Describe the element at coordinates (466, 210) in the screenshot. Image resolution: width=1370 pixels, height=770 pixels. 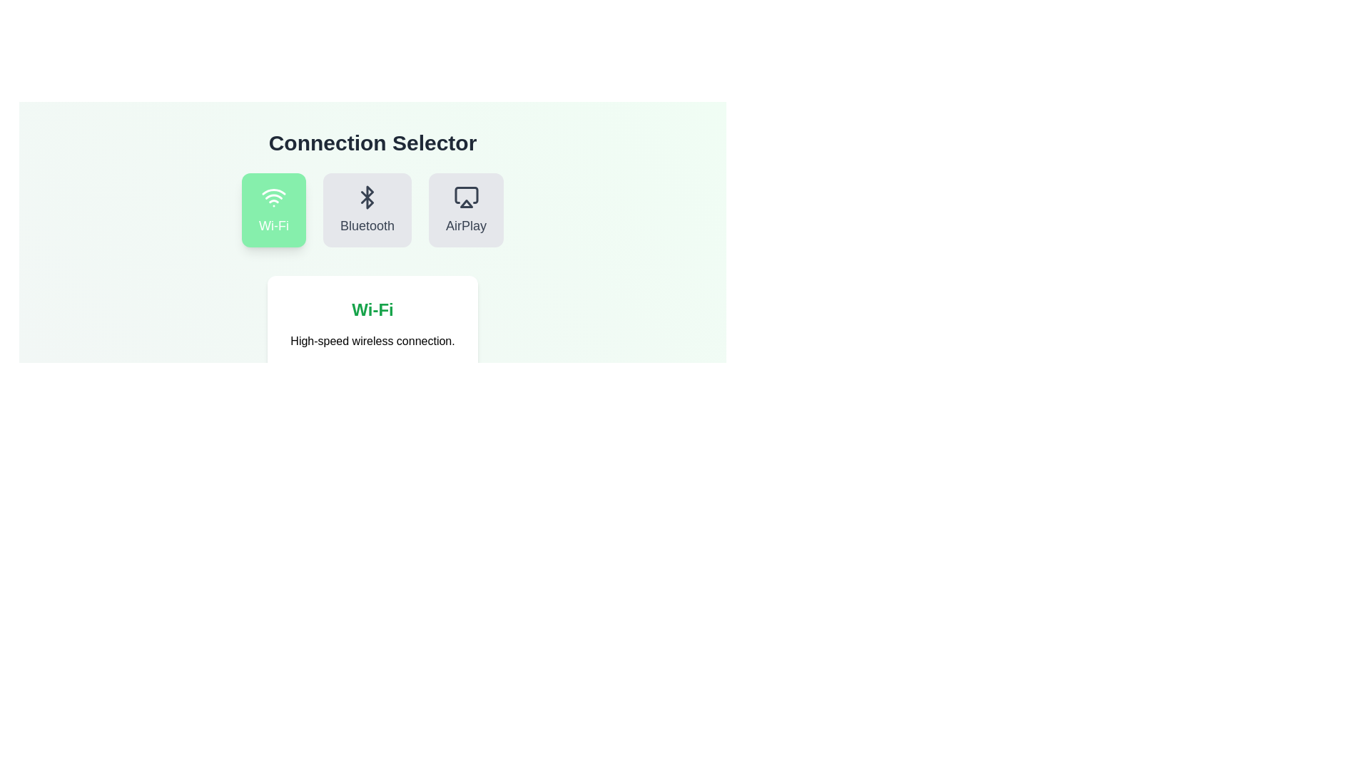
I see `the connection option AirPlay` at that location.